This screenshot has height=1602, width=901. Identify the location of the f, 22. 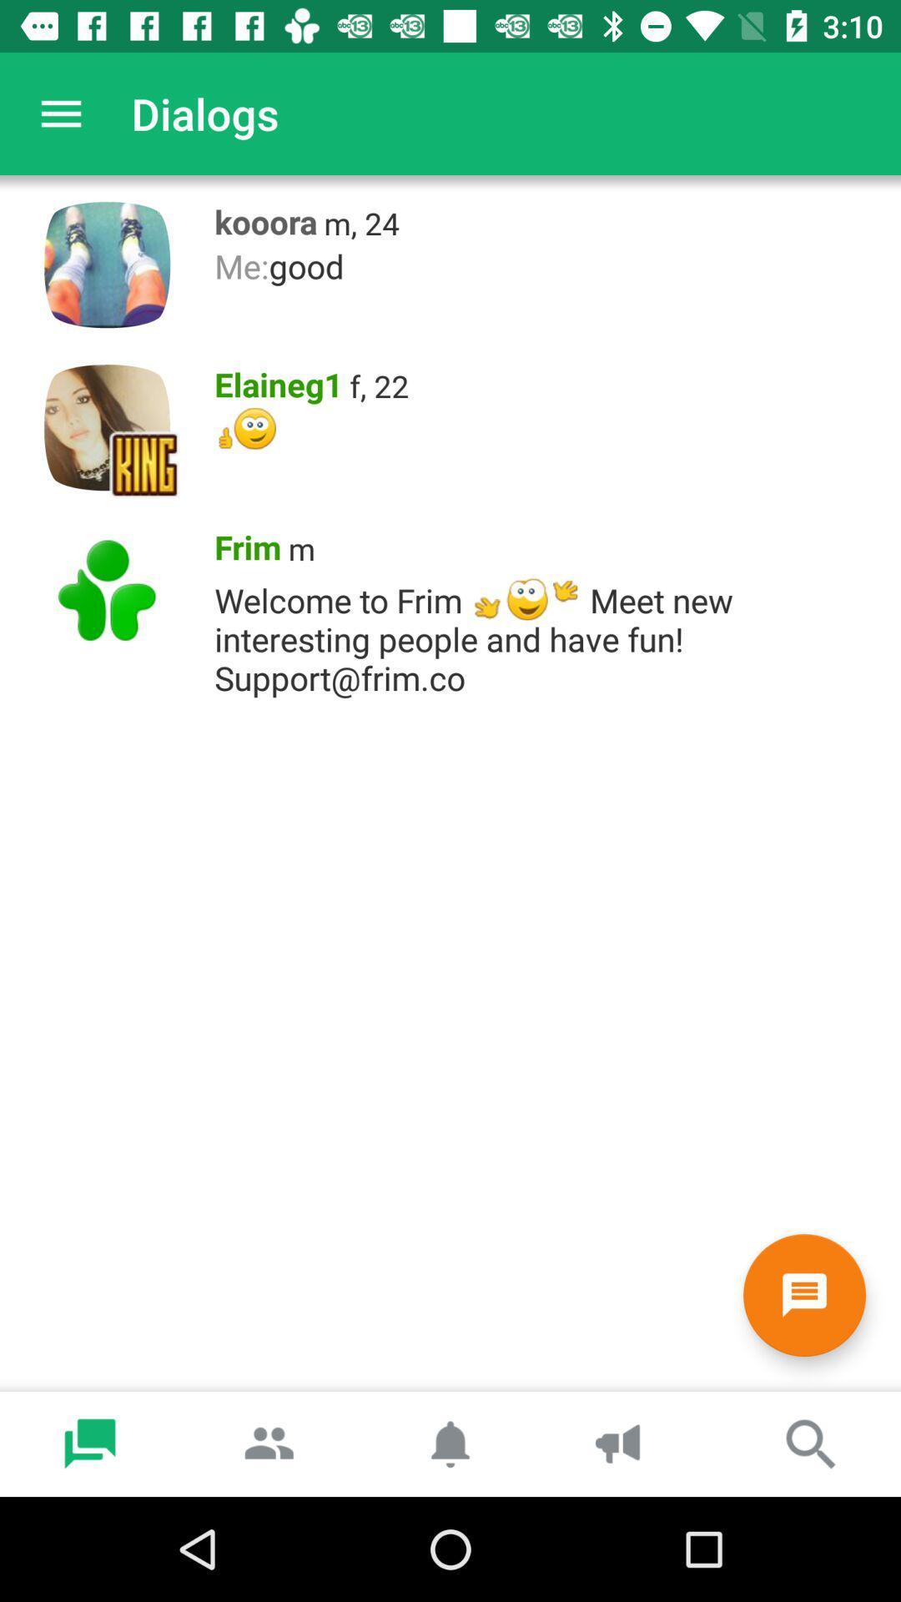
(379, 385).